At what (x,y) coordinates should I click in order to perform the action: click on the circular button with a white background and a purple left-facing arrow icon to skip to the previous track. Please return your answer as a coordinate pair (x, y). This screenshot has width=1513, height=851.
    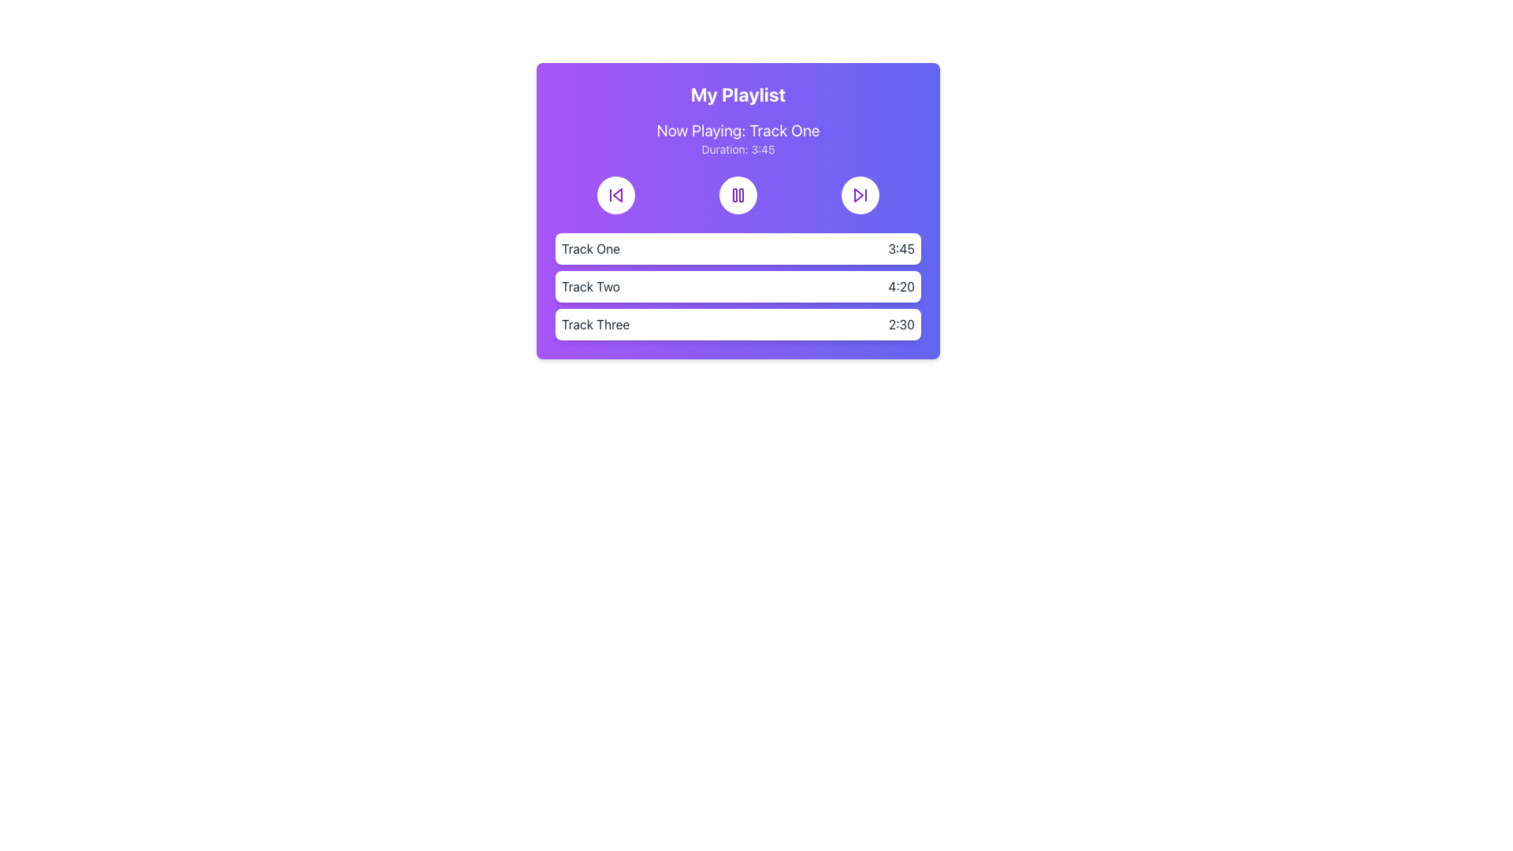
    Looking at the image, I should click on (615, 194).